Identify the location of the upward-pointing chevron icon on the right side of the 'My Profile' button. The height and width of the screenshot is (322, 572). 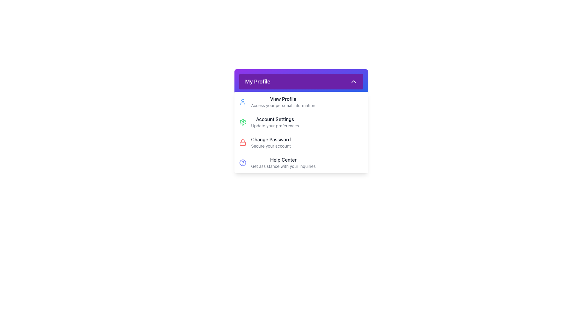
(353, 81).